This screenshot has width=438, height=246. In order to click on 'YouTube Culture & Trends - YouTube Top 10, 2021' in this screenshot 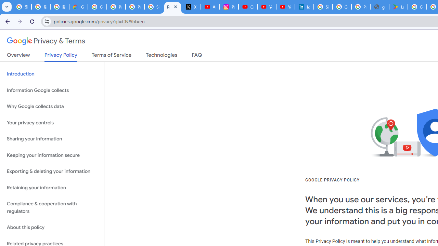, I will do `click(285, 7)`.